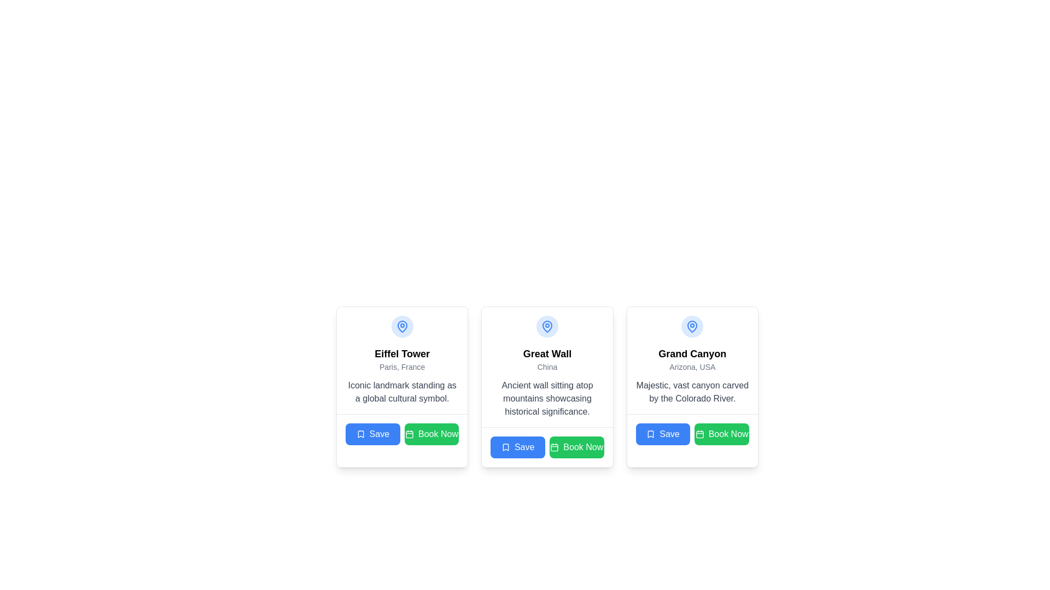 The image size is (1050, 590). Describe the element at coordinates (401, 386) in the screenshot. I see `displayed text on the interactive card describing the Eiffel Tower, which is the first card in the leftmost column of a three-column grid` at that location.